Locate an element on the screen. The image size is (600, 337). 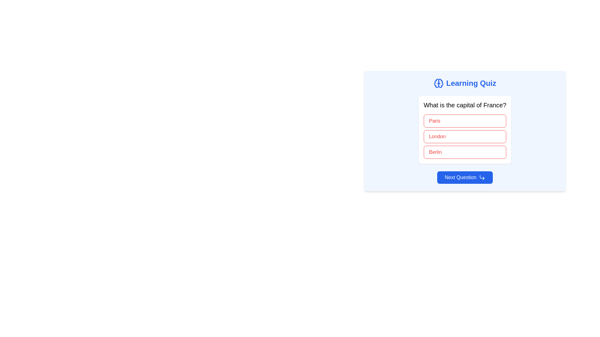
the button that selects 'London' in the quiz interface, located beneath 'Paris' and above 'Berlin', to change its background color is located at coordinates (465, 136).